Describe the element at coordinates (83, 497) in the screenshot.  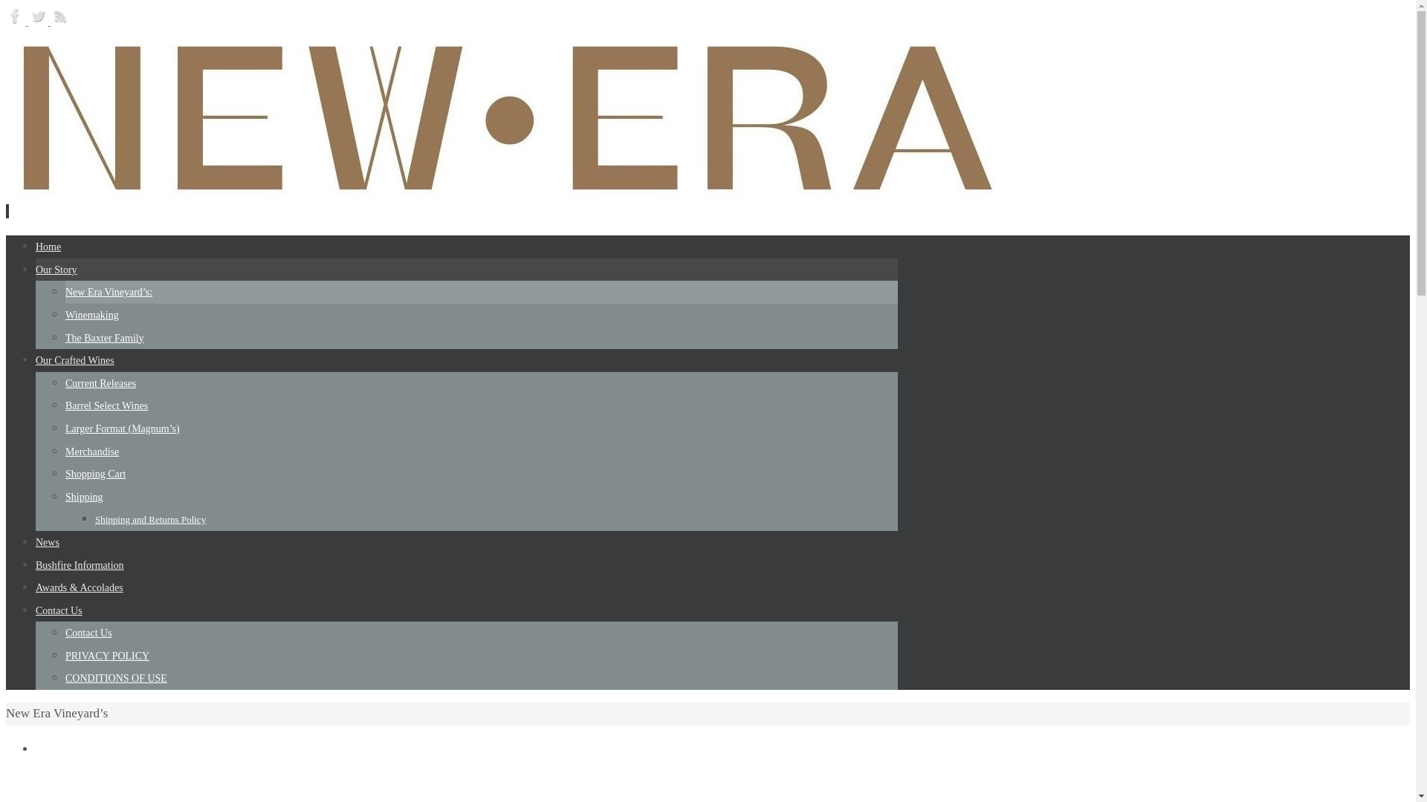
I see `'Shipping'` at that location.